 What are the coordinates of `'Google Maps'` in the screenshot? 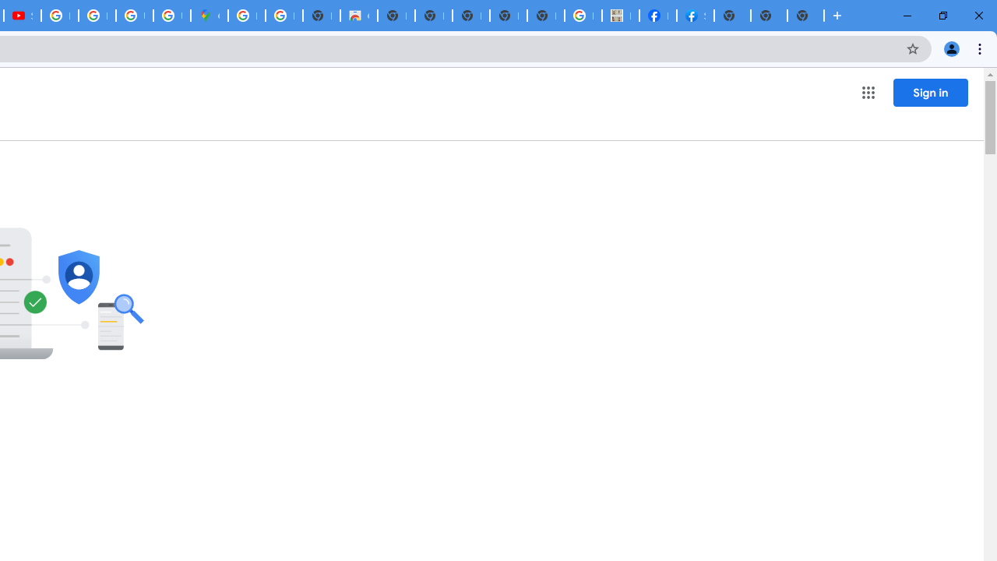 It's located at (208, 16).